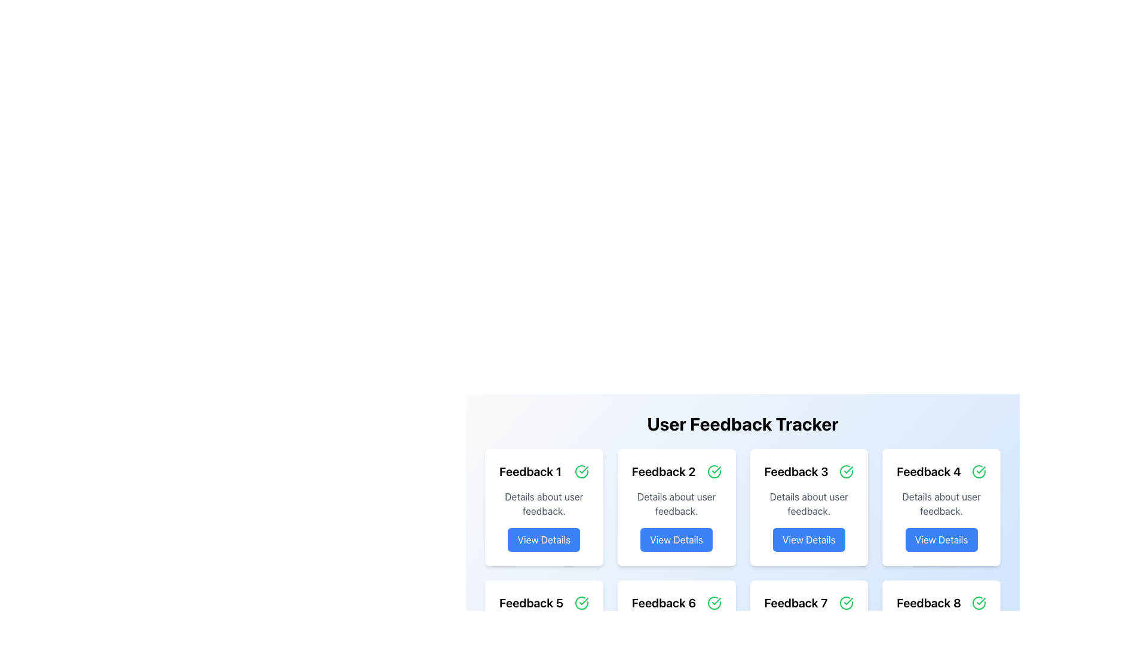  What do you see at coordinates (581, 471) in the screenshot?
I see `the green circular icon component styled as a check mark located in the upper right corner of the card labeled 'Feedback 1'` at bounding box center [581, 471].